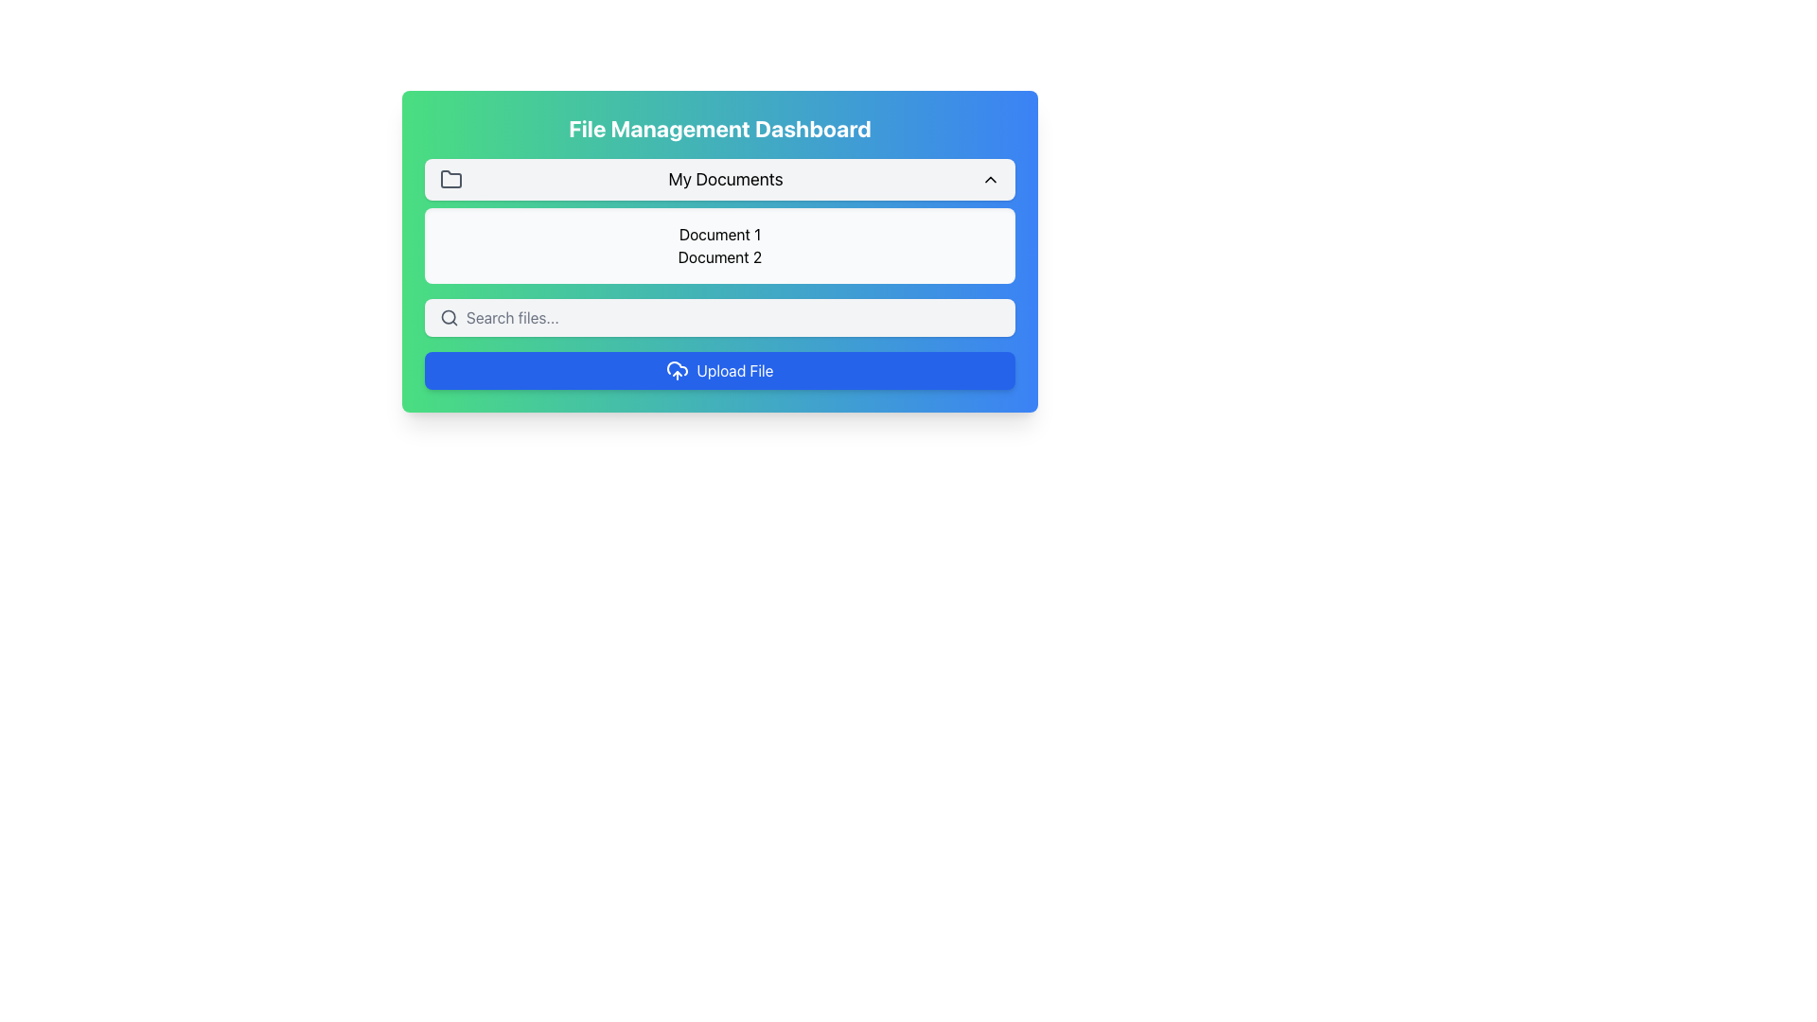  What do you see at coordinates (719, 233) in the screenshot?
I see `the text label that identifies a document or file, located above the 'Document 2' element in a rounded light gray box` at bounding box center [719, 233].